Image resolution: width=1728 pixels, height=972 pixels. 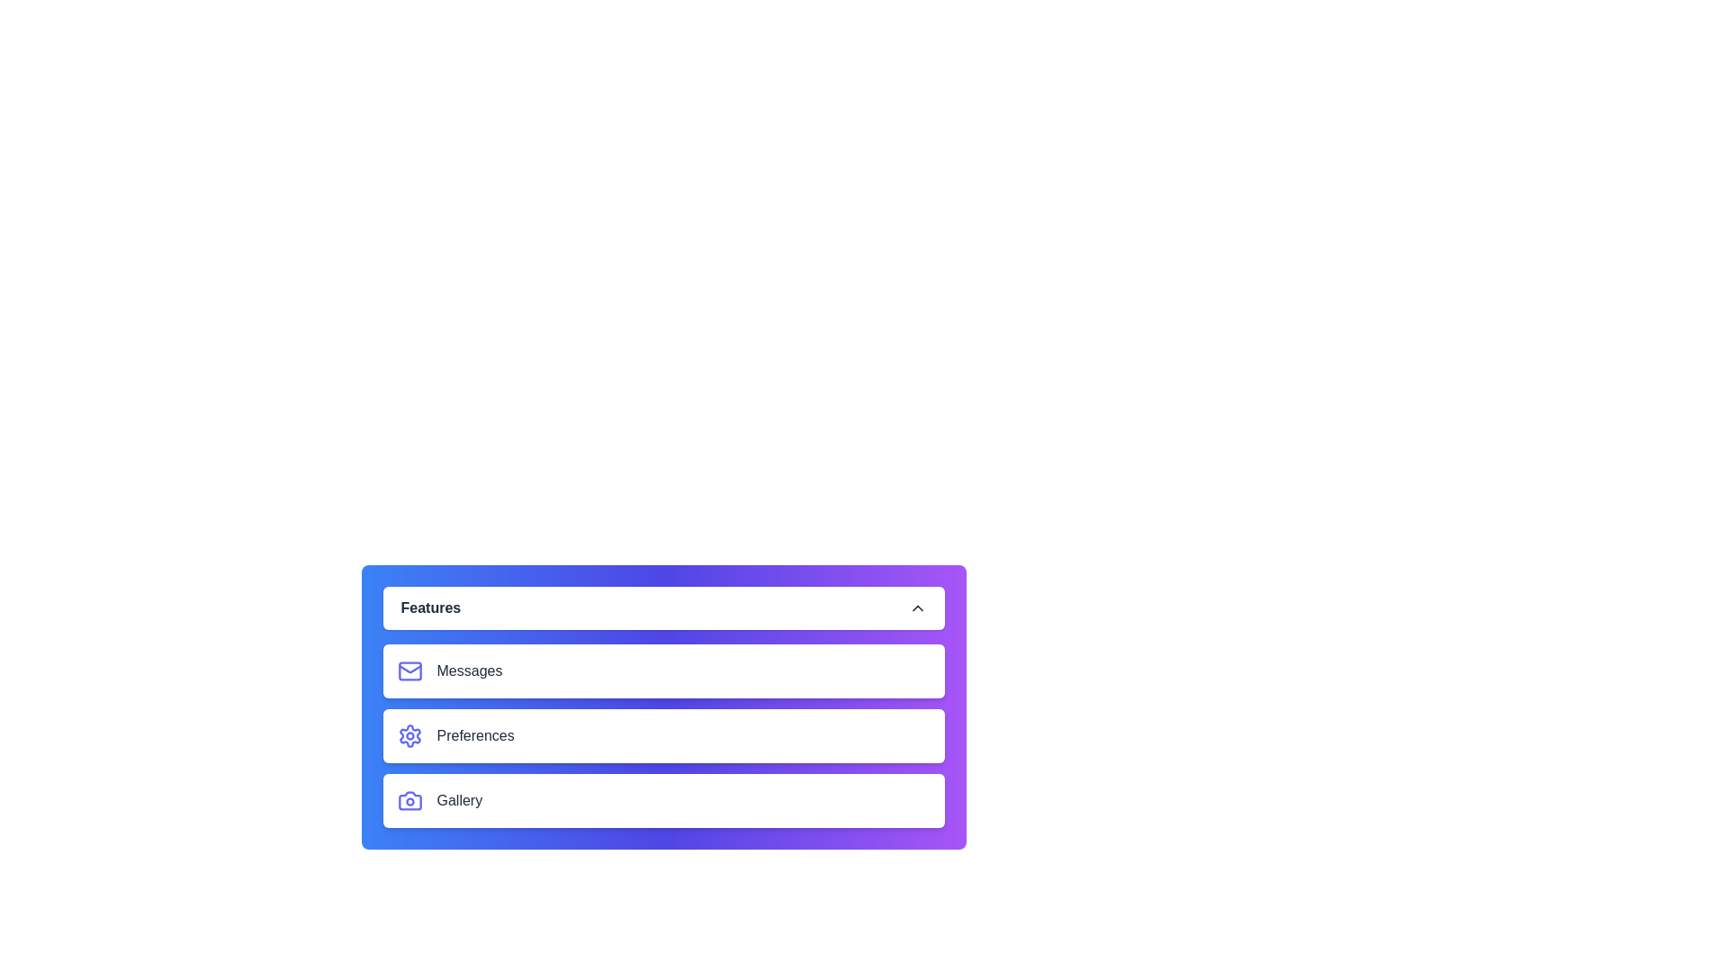 What do you see at coordinates (662, 800) in the screenshot?
I see `the menu item Gallery to select it` at bounding box center [662, 800].